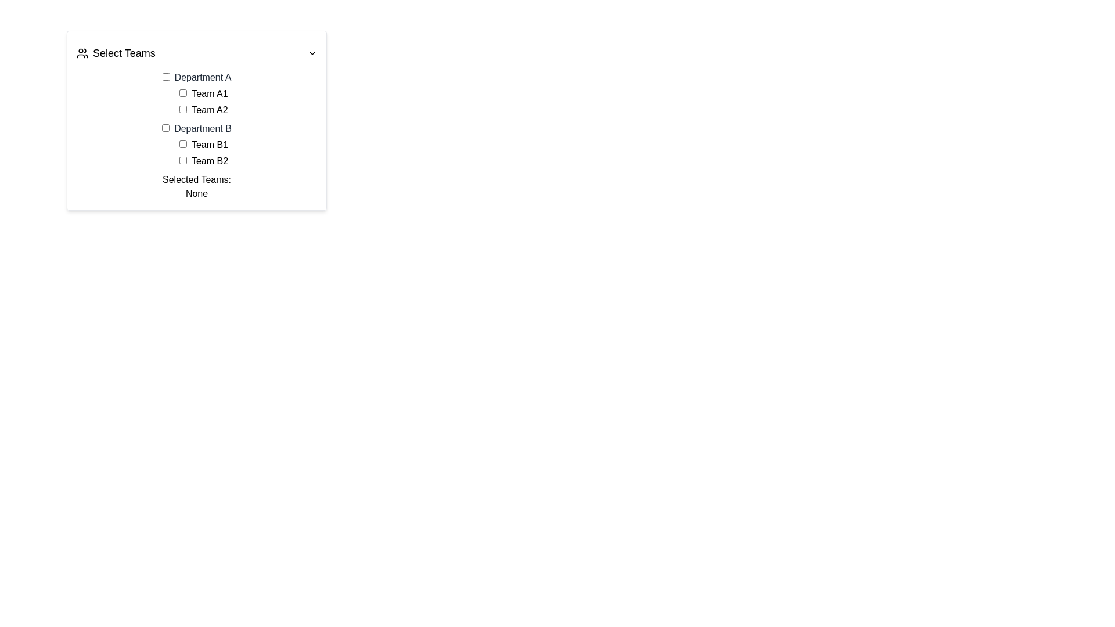 The height and width of the screenshot is (627, 1115). What do you see at coordinates (165, 128) in the screenshot?
I see `the minimalist checkbox located to the left of the 'Department B' text for tooltip or additional information` at bounding box center [165, 128].